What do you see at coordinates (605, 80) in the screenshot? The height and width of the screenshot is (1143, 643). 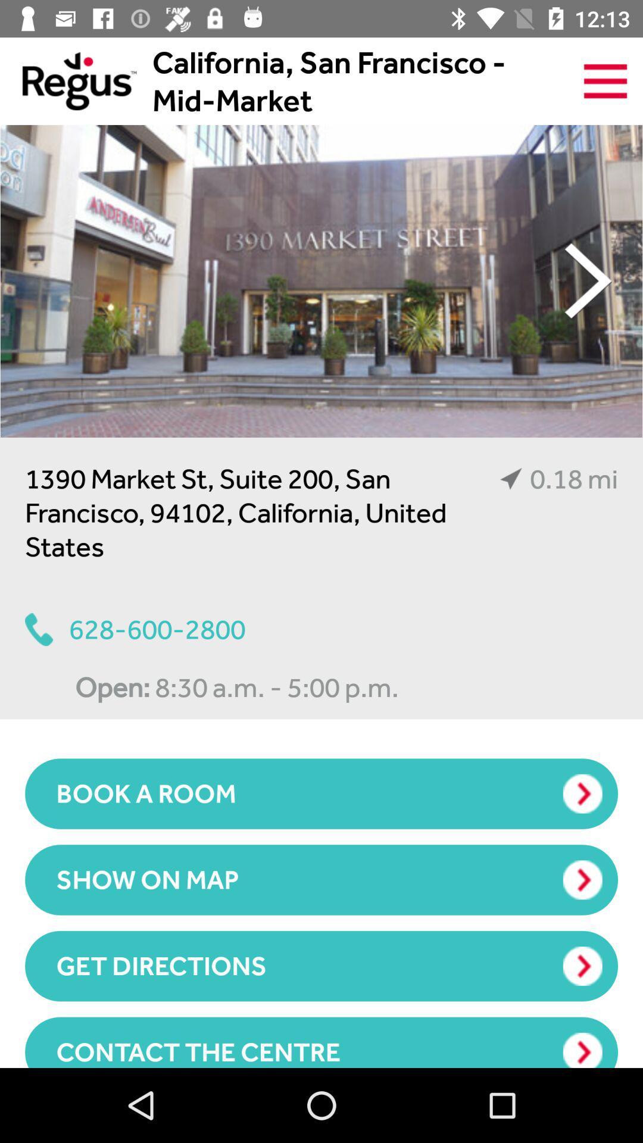 I see `the icon next to the california san francisco` at bounding box center [605, 80].